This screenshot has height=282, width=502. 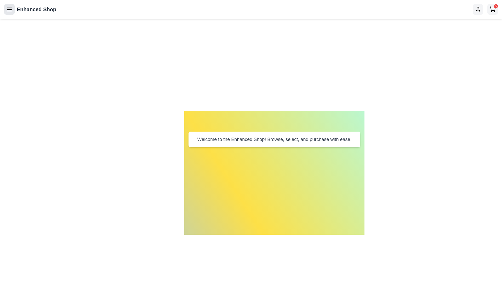 I want to click on the Profile icon to toggle the user profile menu, so click(x=478, y=9).